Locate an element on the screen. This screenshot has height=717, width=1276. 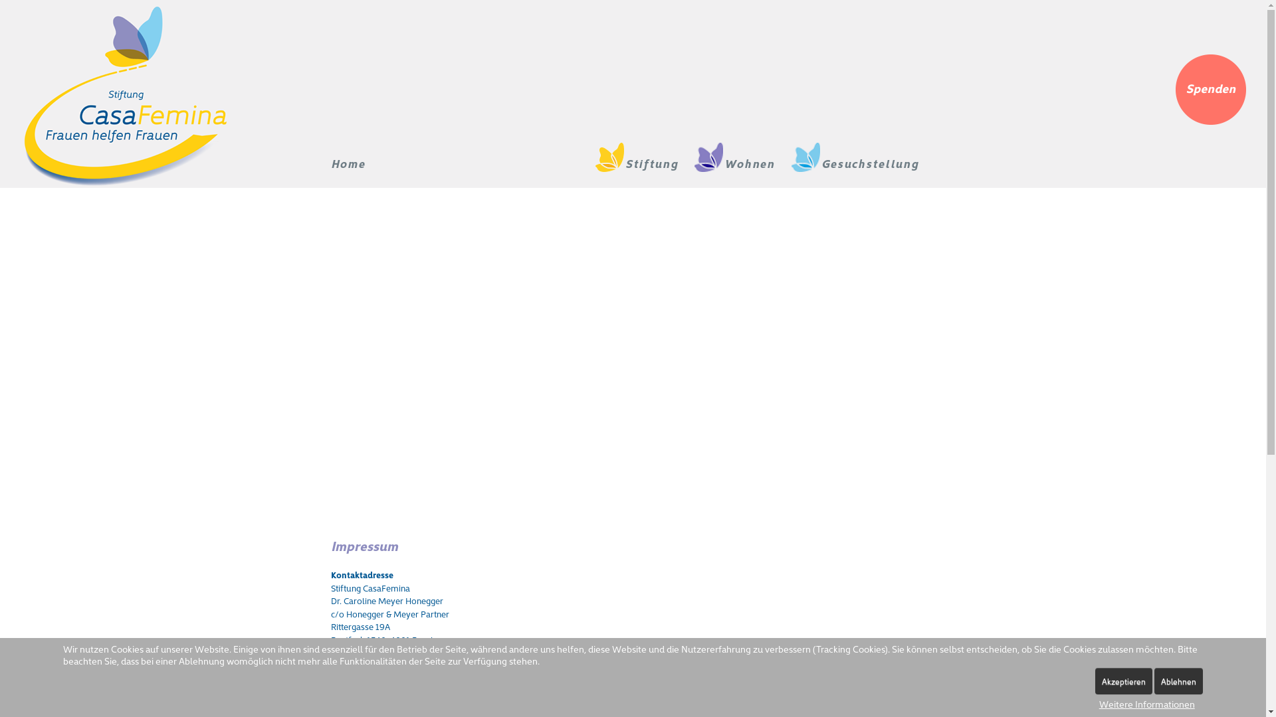
'Home' is located at coordinates (331, 163).